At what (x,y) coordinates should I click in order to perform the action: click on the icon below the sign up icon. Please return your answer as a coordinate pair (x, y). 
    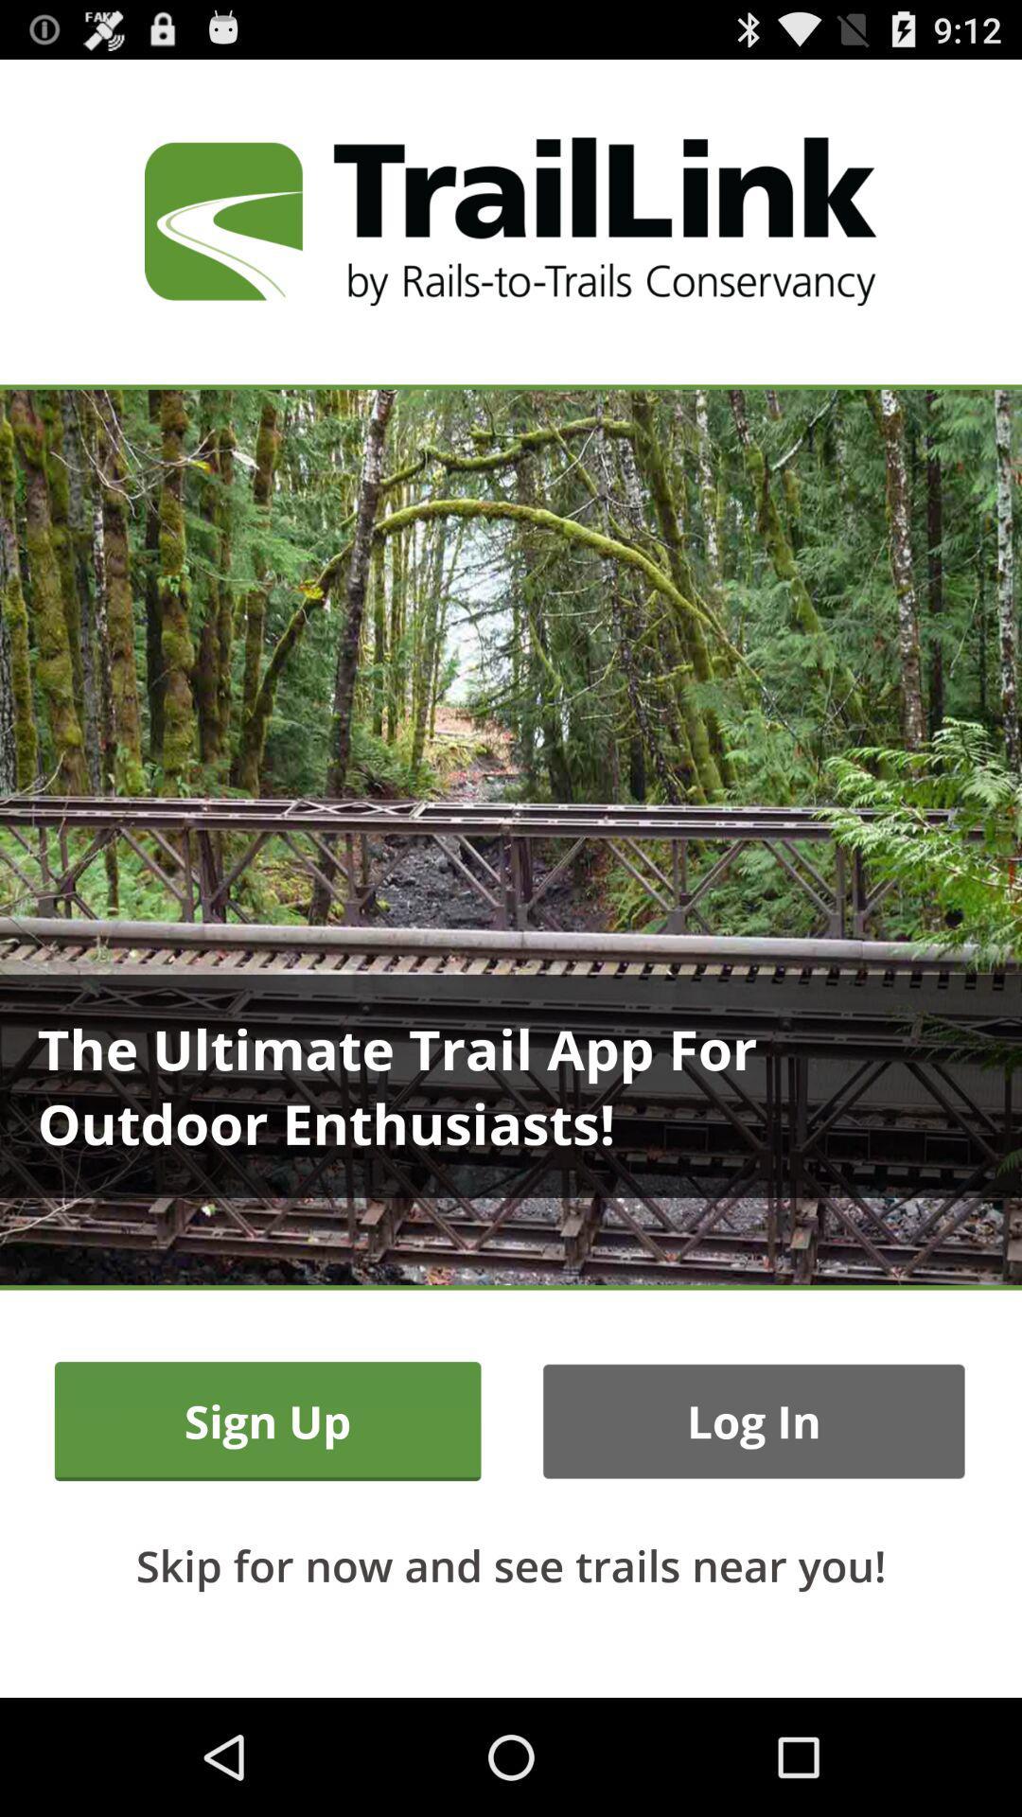
    Looking at the image, I should click on (511, 1565).